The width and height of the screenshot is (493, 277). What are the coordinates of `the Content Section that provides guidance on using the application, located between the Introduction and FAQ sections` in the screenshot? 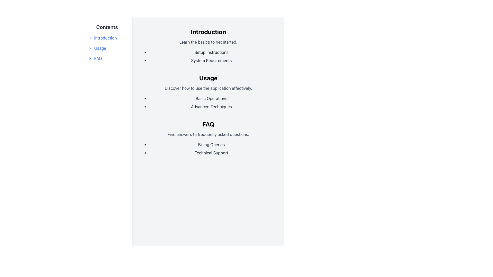 It's located at (208, 92).